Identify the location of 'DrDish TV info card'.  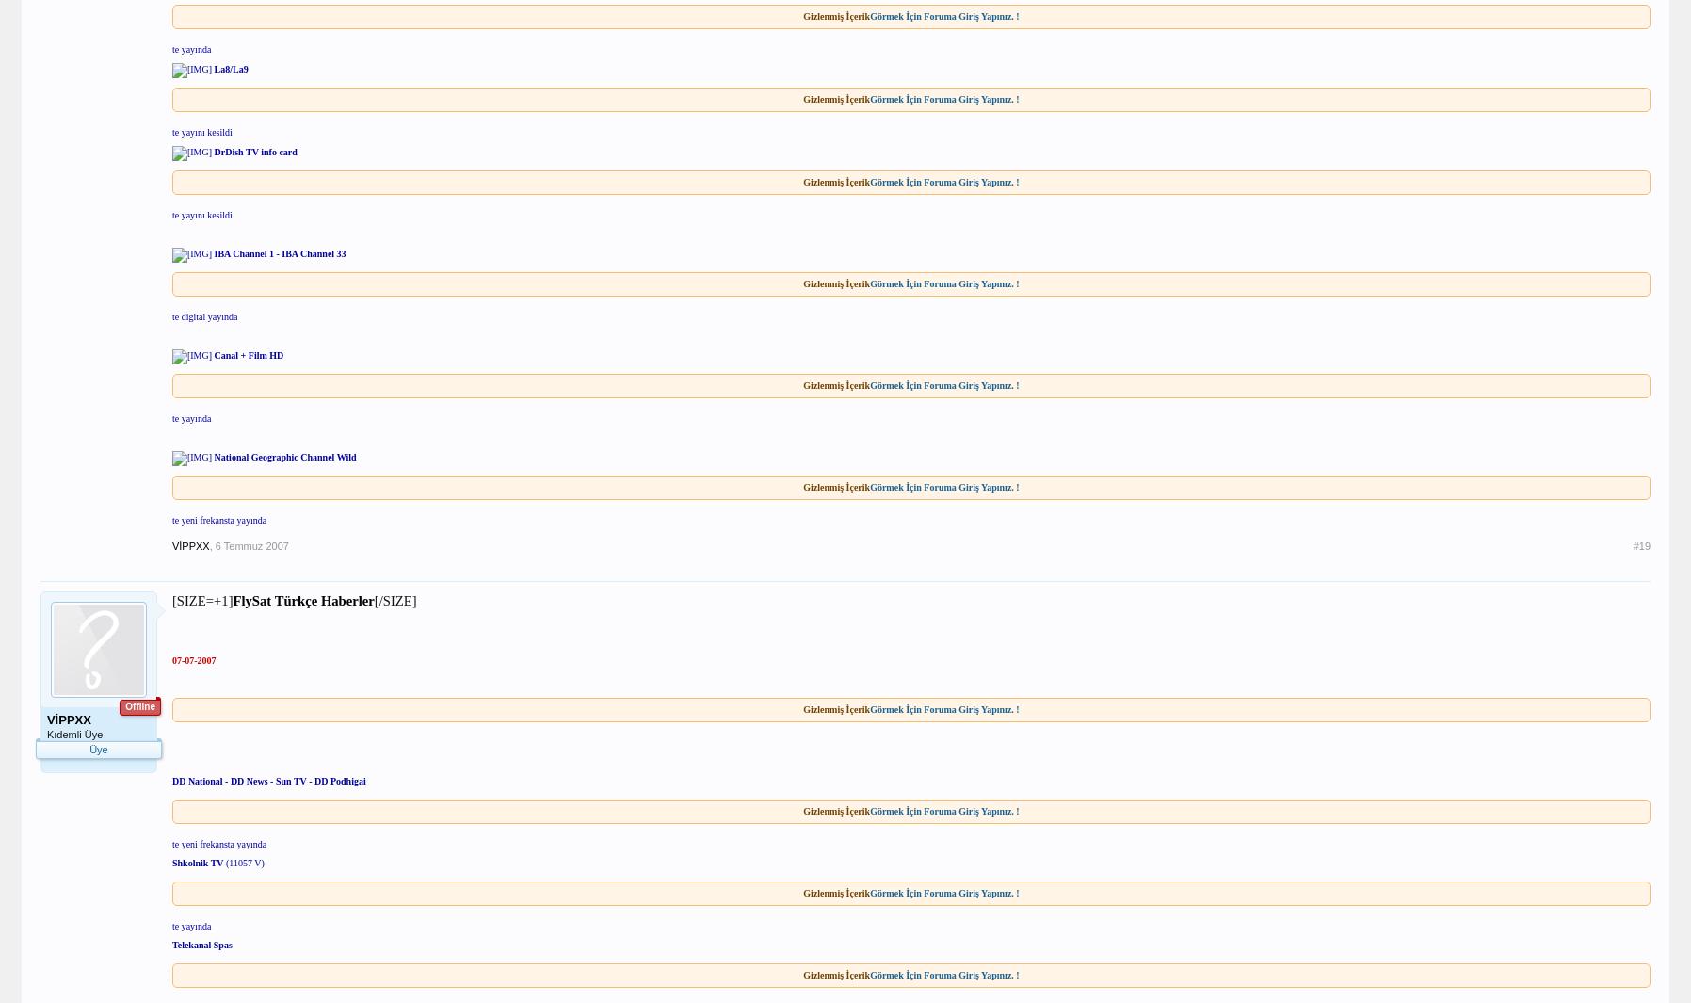
(255, 150).